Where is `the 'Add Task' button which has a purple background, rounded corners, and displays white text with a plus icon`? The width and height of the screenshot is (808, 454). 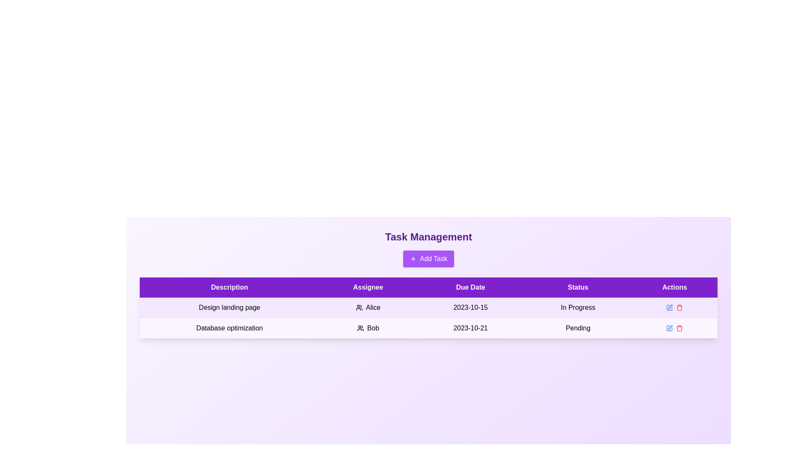
the 'Add Task' button which has a purple background, rounded corners, and displays white text with a plus icon is located at coordinates (428, 259).